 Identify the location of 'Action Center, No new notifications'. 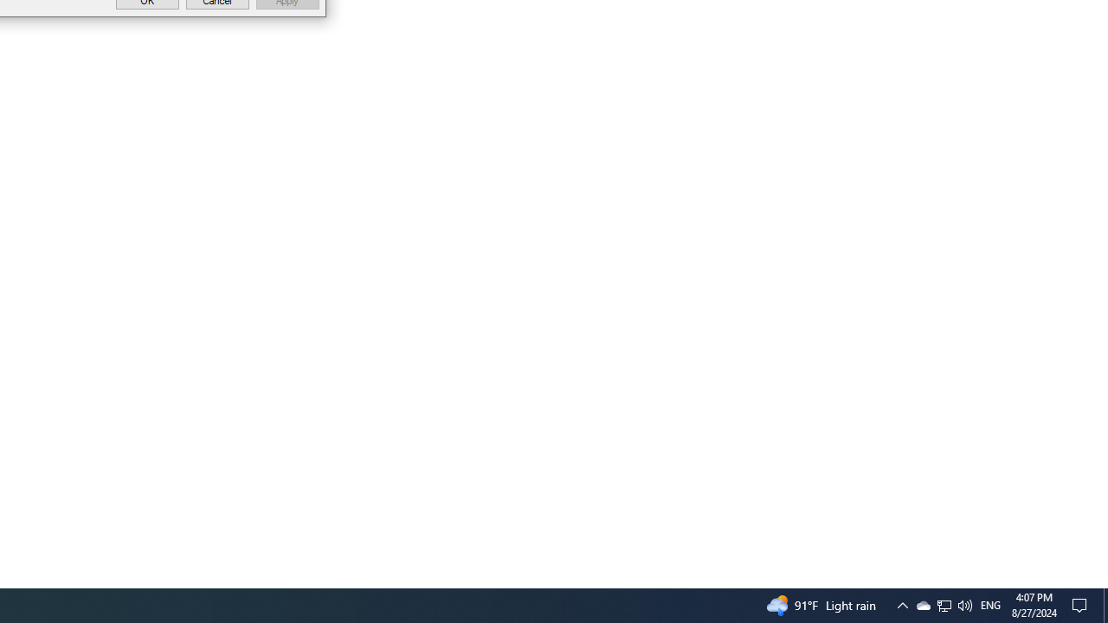
(1082, 604).